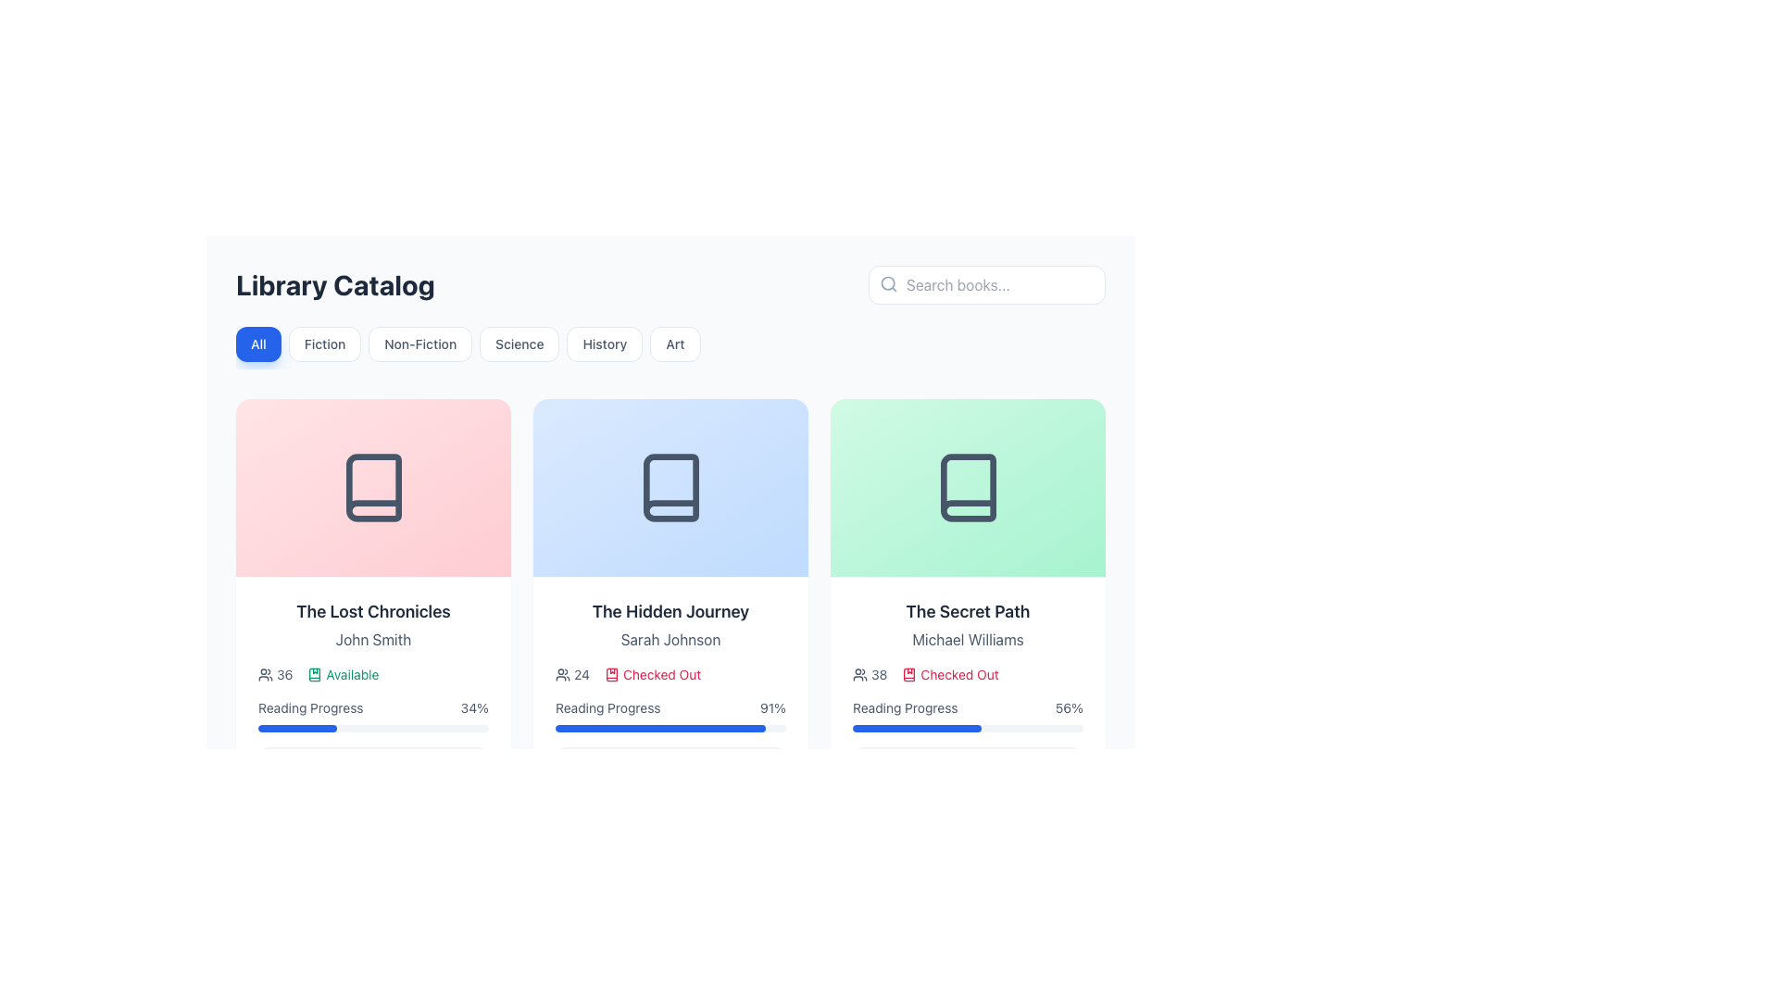  Describe the element at coordinates (324, 344) in the screenshot. I see `the 'Fiction' button, which is styled with rounded edges, a light background, and gray text, located in the horizontal navigation bar between 'All' and 'Non-Fiction'` at that location.